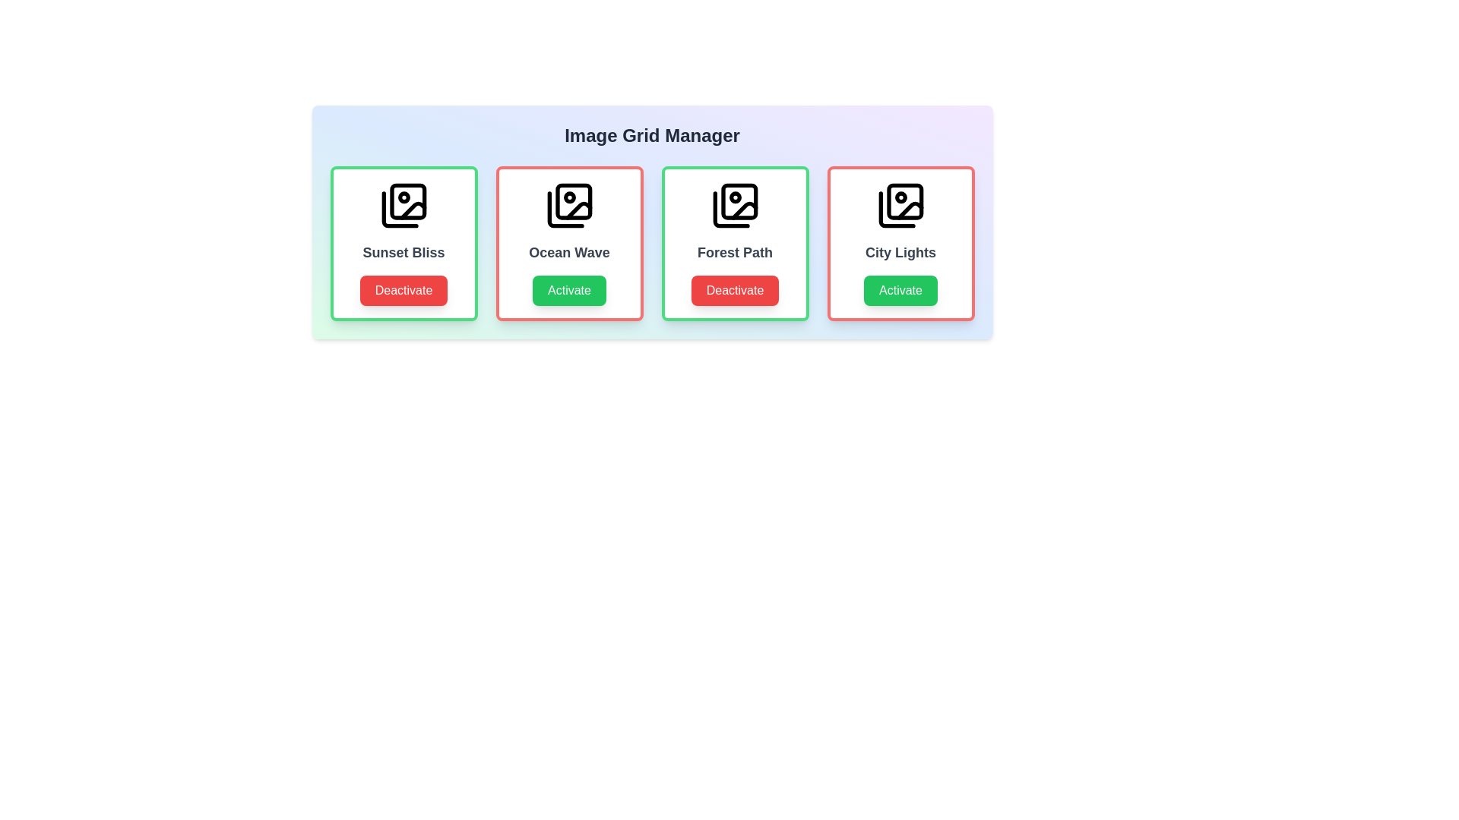 The height and width of the screenshot is (820, 1459). What do you see at coordinates (735, 242) in the screenshot?
I see `the item labeled 'Forest Path' to observe its hover effect` at bounding box center [735, 242].